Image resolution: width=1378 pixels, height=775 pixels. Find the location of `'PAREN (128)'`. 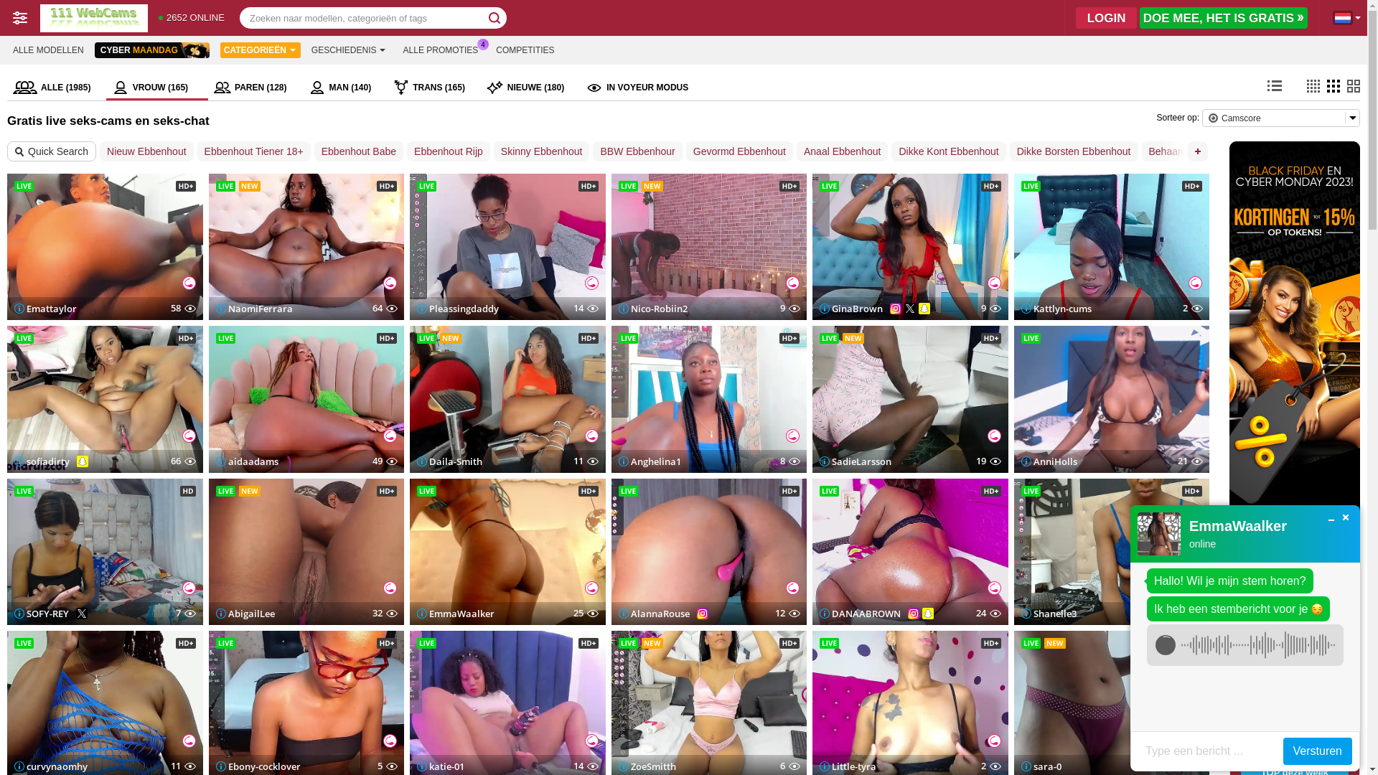

'PAREN (128)' is located at coordinates (255, 88).